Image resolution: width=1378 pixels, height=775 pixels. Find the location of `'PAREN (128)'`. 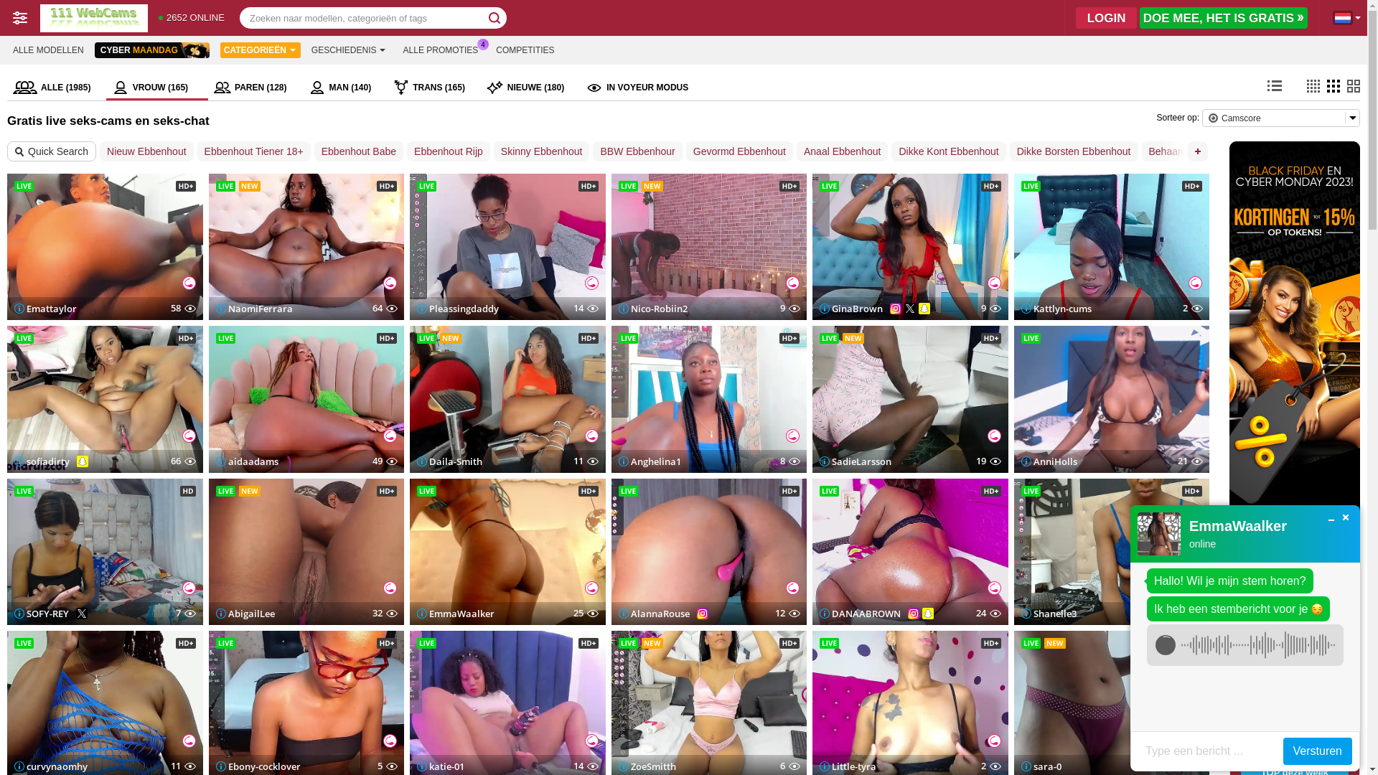

'PAREN (128)' is located at coordinates (255, 88).